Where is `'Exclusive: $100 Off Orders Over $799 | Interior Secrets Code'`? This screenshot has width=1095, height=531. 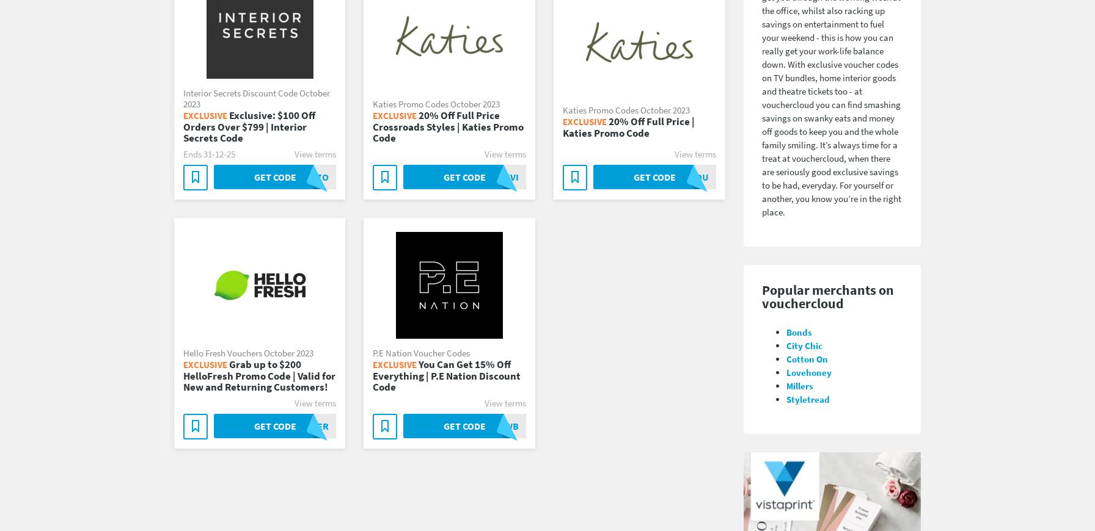
'Exclusive: $100 Off Orders Over $799 | Interior Secrets Code' is located at coordinates (248, 125).